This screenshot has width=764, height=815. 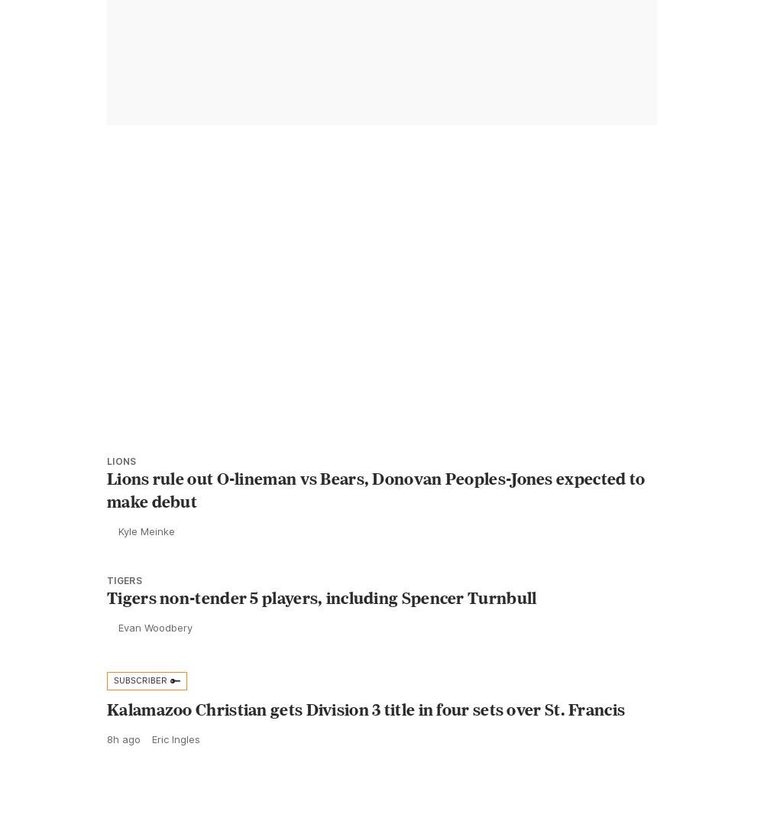 I want to click on 'Lions', so click(x=121, y=494).